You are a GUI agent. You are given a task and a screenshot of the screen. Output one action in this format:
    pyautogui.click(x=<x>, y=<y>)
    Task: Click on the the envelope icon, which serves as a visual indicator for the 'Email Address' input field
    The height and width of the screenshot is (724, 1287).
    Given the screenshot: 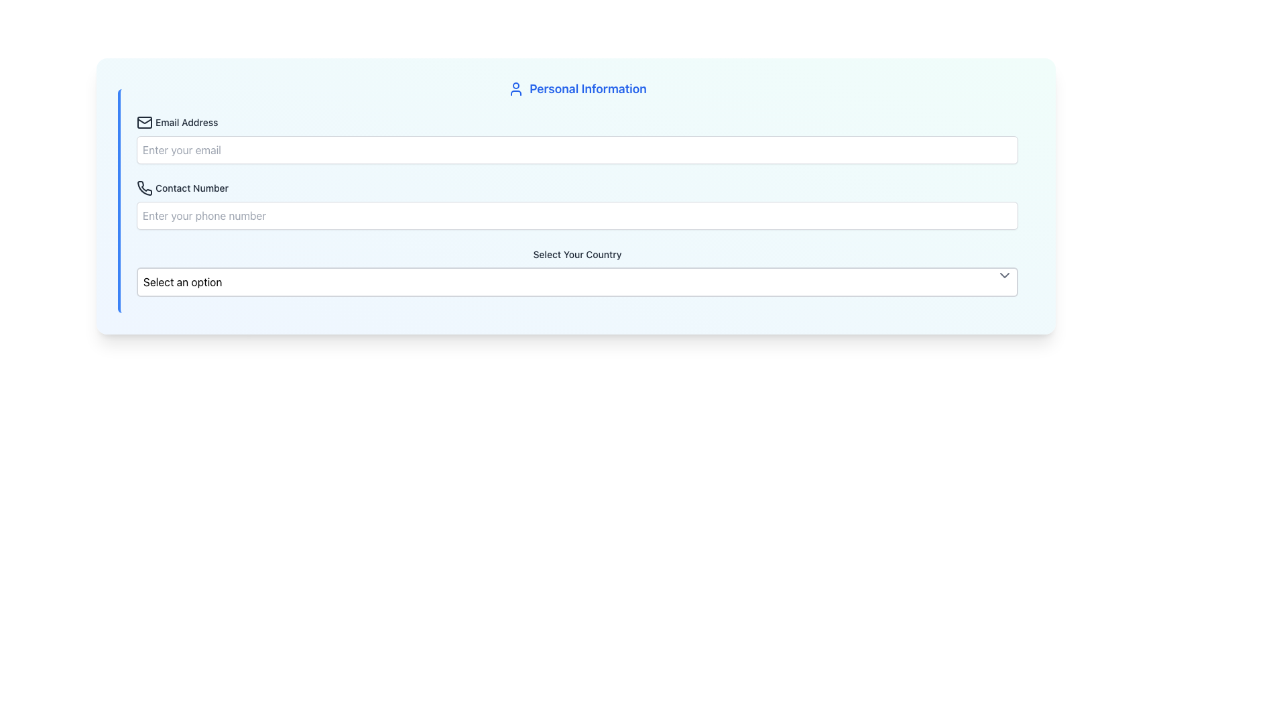 What is the action you would take?
    pyautogui.click(x=145, y=122)
    